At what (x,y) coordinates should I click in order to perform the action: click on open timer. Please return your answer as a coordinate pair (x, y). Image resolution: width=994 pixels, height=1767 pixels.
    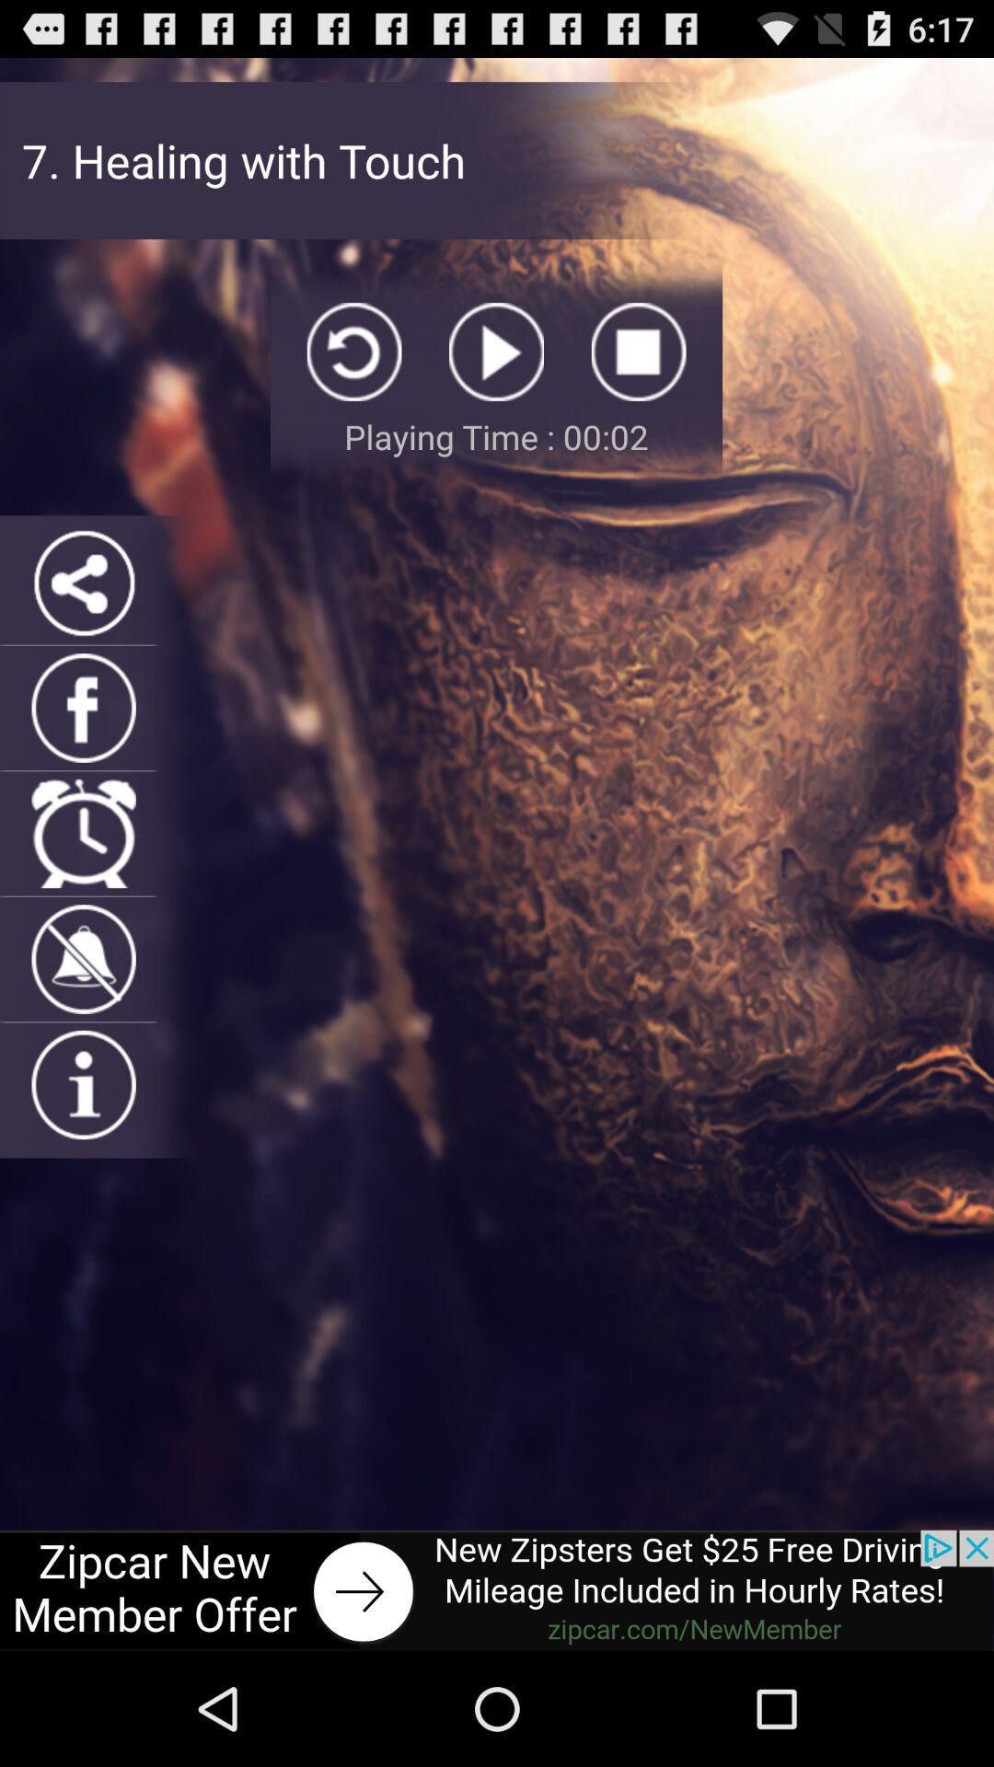
    Looking at the image, I should click on (84, 833).